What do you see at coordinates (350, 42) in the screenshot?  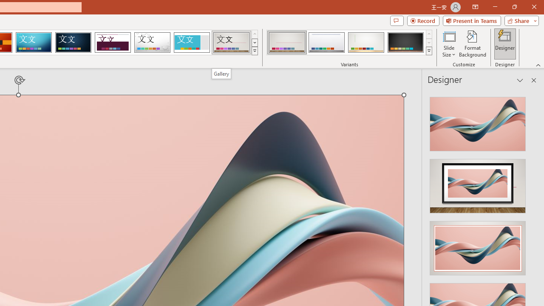 I see `'AutomationID: ThemeVariantsGallery'` at bounding box center [350, 42].